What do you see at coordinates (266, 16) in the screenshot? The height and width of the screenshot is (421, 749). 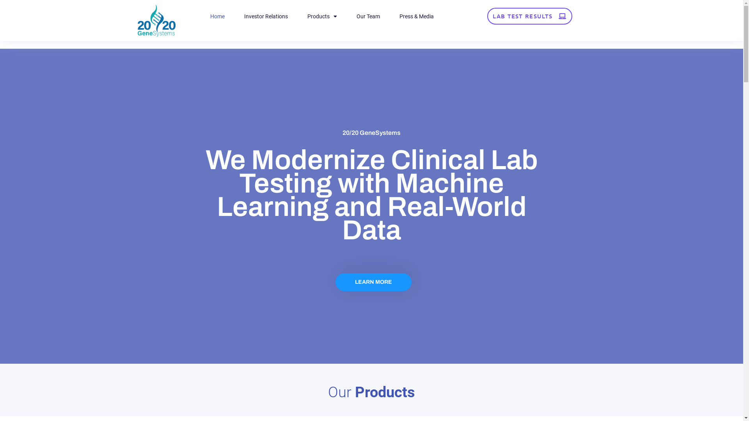 I see `'Investor Relations'` at bounding box center [266, 16].